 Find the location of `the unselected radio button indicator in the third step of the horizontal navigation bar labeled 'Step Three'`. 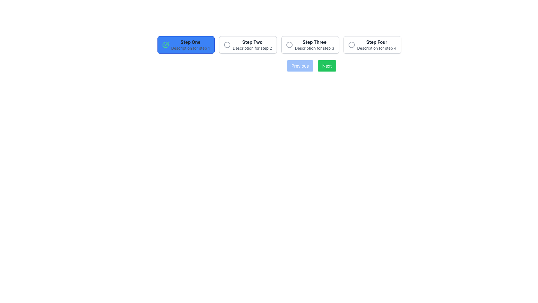

the unselected radio button indicator in the third step of the horizontal navigation bar labeled 'Step Three' is located at coordinates (289, 44).